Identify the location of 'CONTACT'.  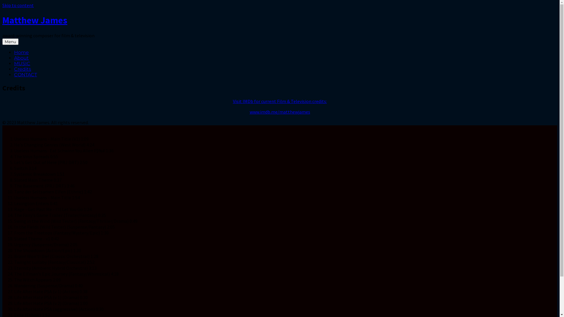
(25, 74).